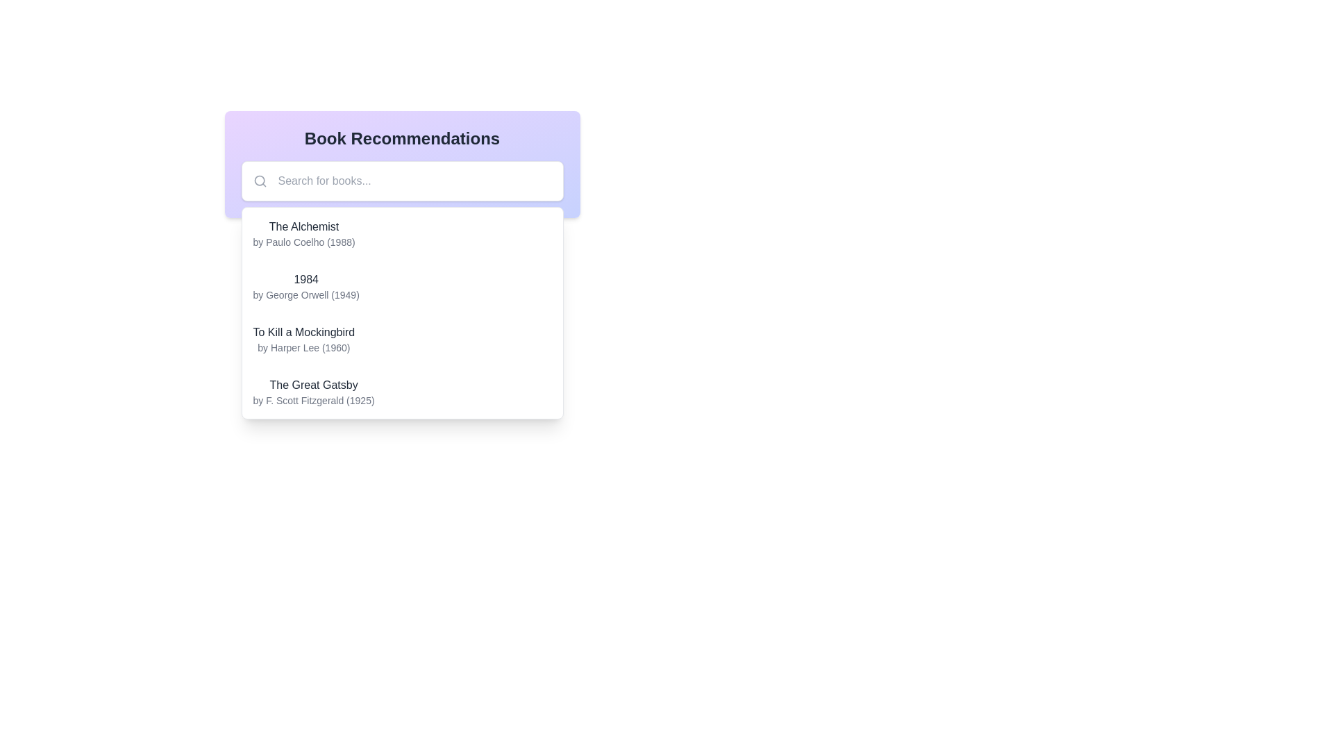 This screenshot has height=750, width=1333. Describe the element at coordinates (401, 139) in the screenshot. I see `the heading element that serves as the title for the section providing book recommendations, located at the top center of the section with a gradient purple-to-indigo background` at that location.